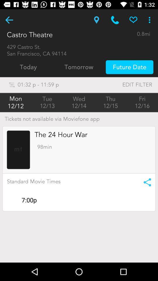 This screenshot has width=158, height=281. Describe the element at coordinates (145, 182) in the screenshot. I see `share` at that location.